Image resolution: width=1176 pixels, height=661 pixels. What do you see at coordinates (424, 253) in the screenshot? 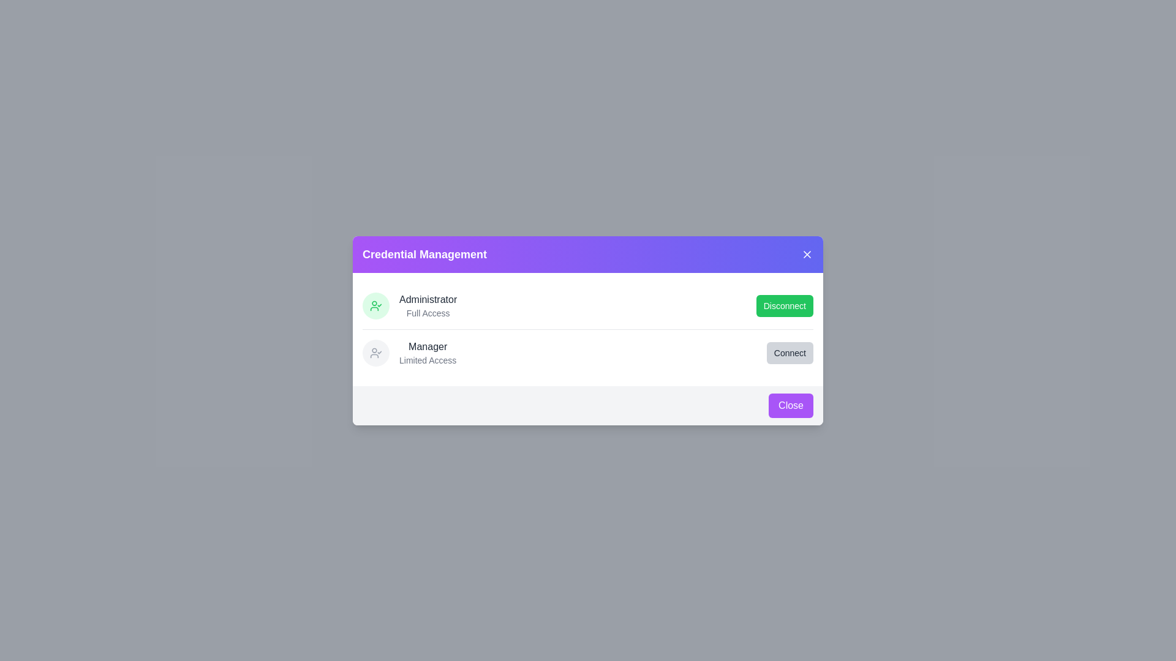
I see `the section title text label that provides context about credential management, located at the top portion of the dialog box, left of the 'close' button` at bounding box center [424, 253].